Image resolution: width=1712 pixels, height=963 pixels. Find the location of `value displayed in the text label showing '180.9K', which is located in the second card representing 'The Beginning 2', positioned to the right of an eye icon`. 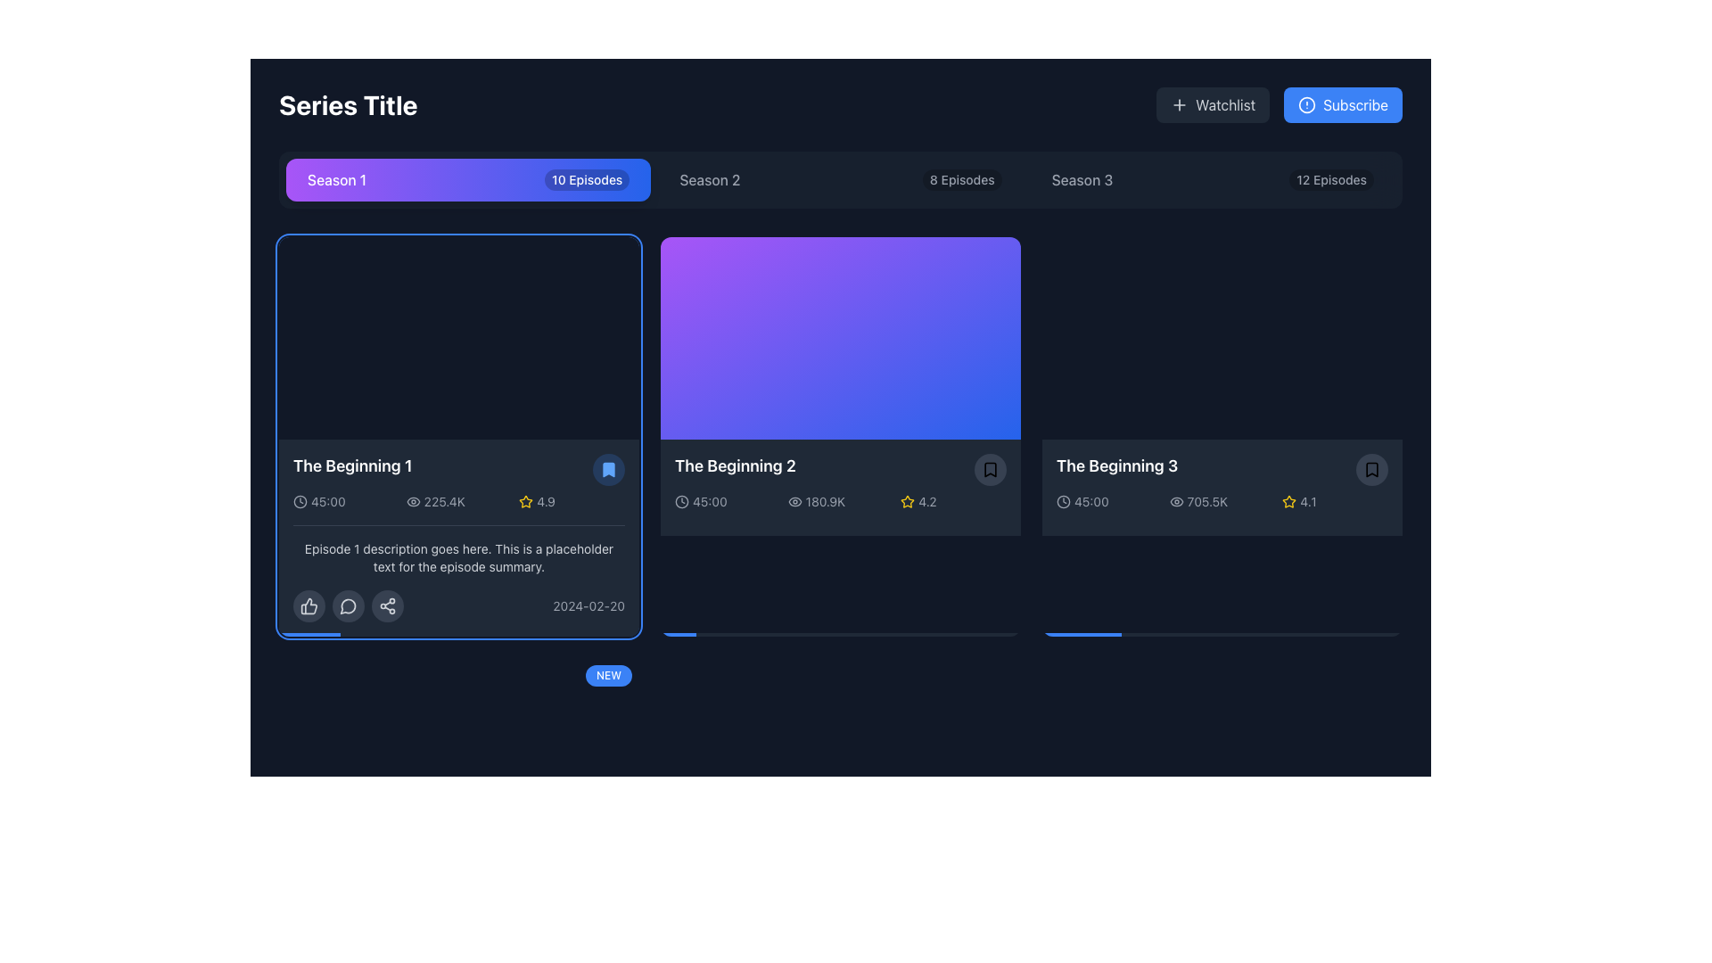

value displayed in the text label showing '180.9K', which is located in the second card representing 'The Beginning 2', positioned to the right of an eye icon is located at coordinates (825, 502).